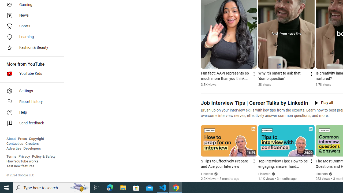 Image resolution: width=343 pixels, height=193 pixels. What do you see at coordinates (24, 157) in the screenshot?
I see `'Privacy'` at bounding box center [24, 157].